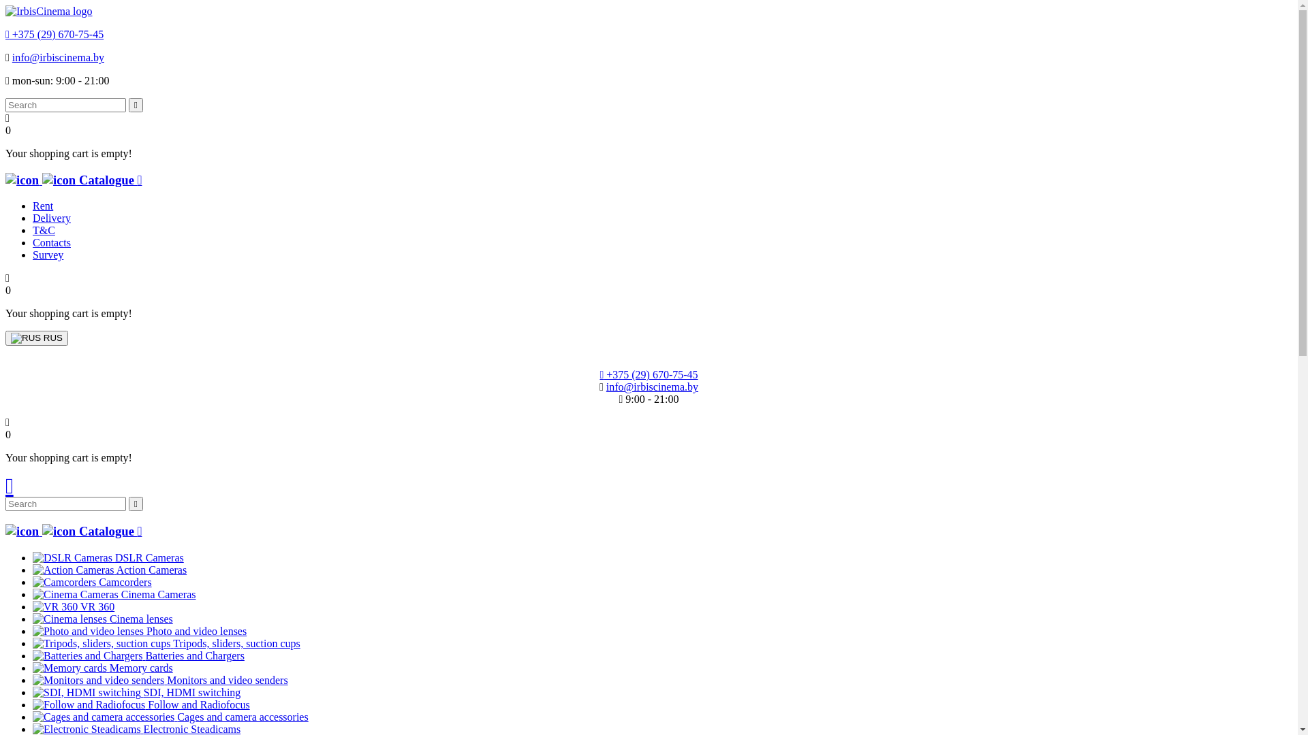 This screenshot has width=1308, height=735. What do you see at coordinates (54, 606) in the screenshot?
I see `'VR 360'` at bounding box center [54, 606].